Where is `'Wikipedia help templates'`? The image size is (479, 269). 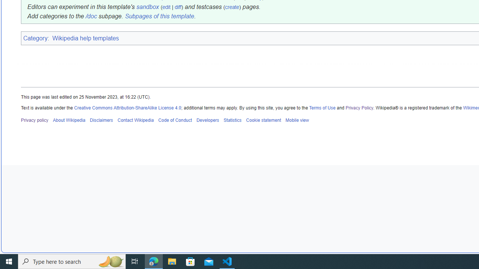 'Wikipedia help templates' is located at coordinates (86, 38).